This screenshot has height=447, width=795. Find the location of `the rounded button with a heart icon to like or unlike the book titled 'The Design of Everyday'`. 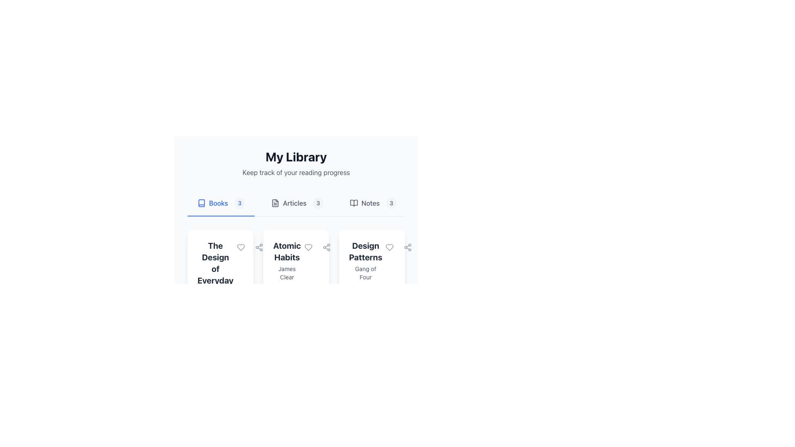

the rounded button with a heart icon to like or unlike the book titled 'The Design of Everyday' is located at coordinates (240, 247).